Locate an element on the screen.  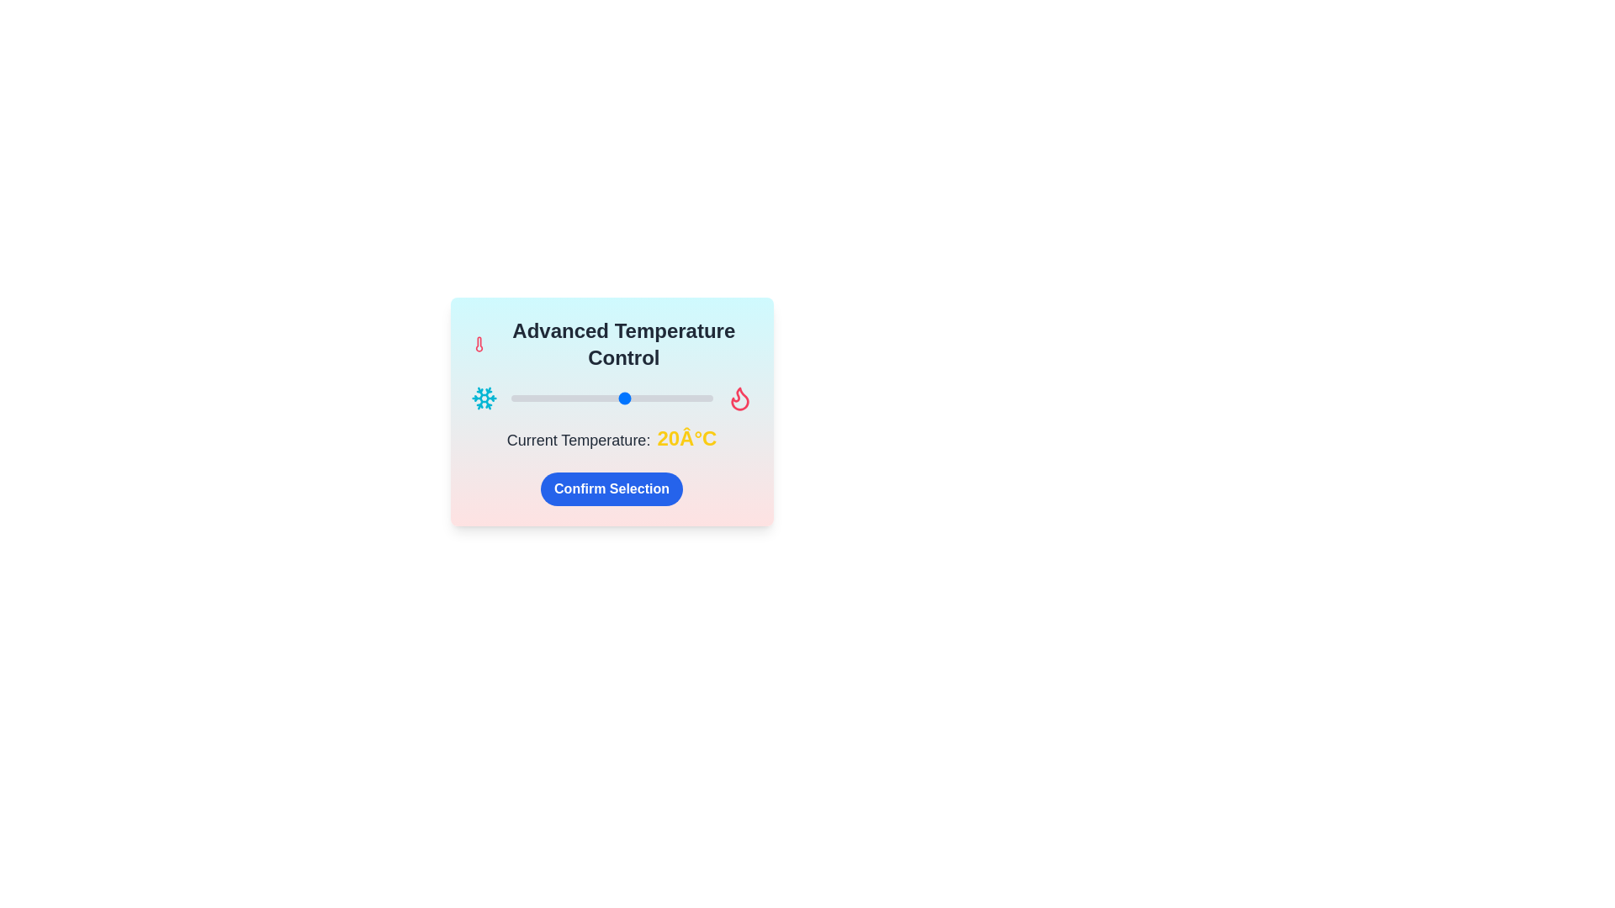
the snowflake icon to provide feedback is located at coordinates (483, 399).